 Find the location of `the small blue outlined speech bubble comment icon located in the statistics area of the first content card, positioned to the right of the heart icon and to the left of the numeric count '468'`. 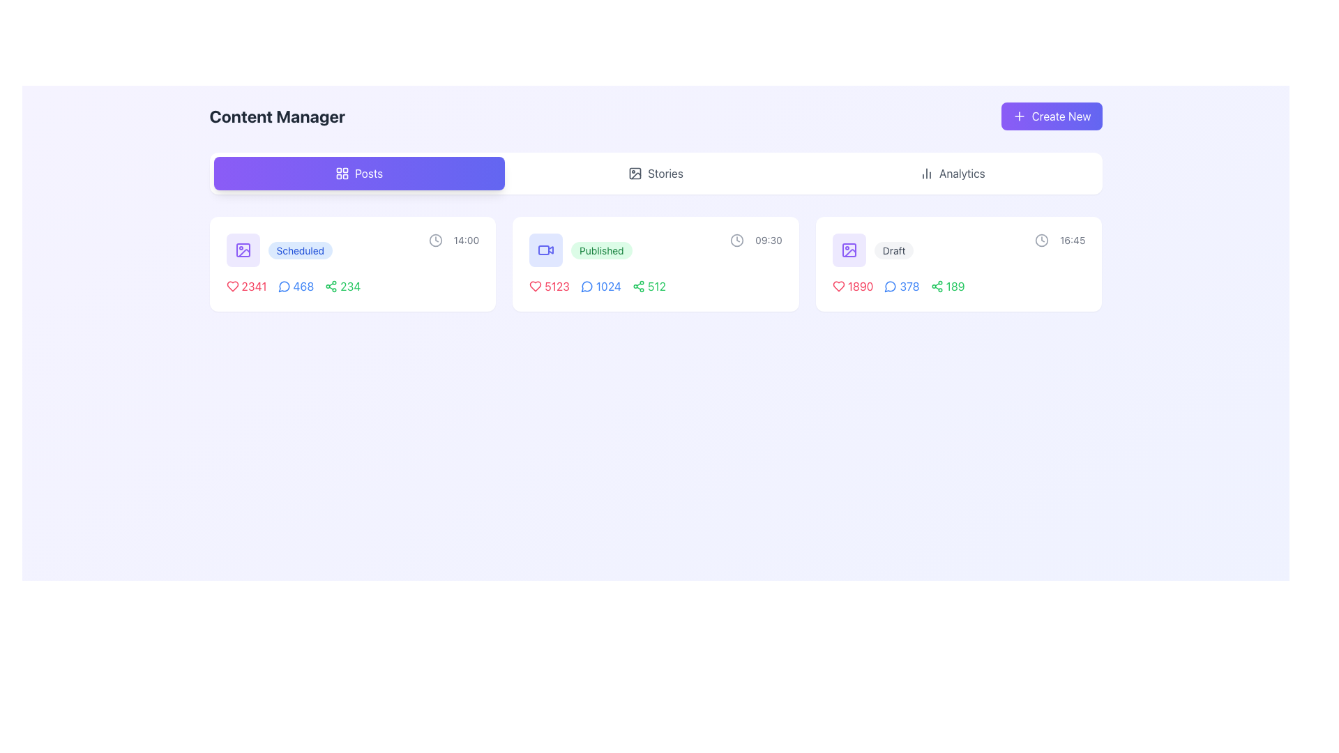

the small blue outlined speech bubble comment icon located in the statistics area of the first content card, positioned to the right of the heart icon and to the left of the numeric count '468' is located at coordinates (283, 286).